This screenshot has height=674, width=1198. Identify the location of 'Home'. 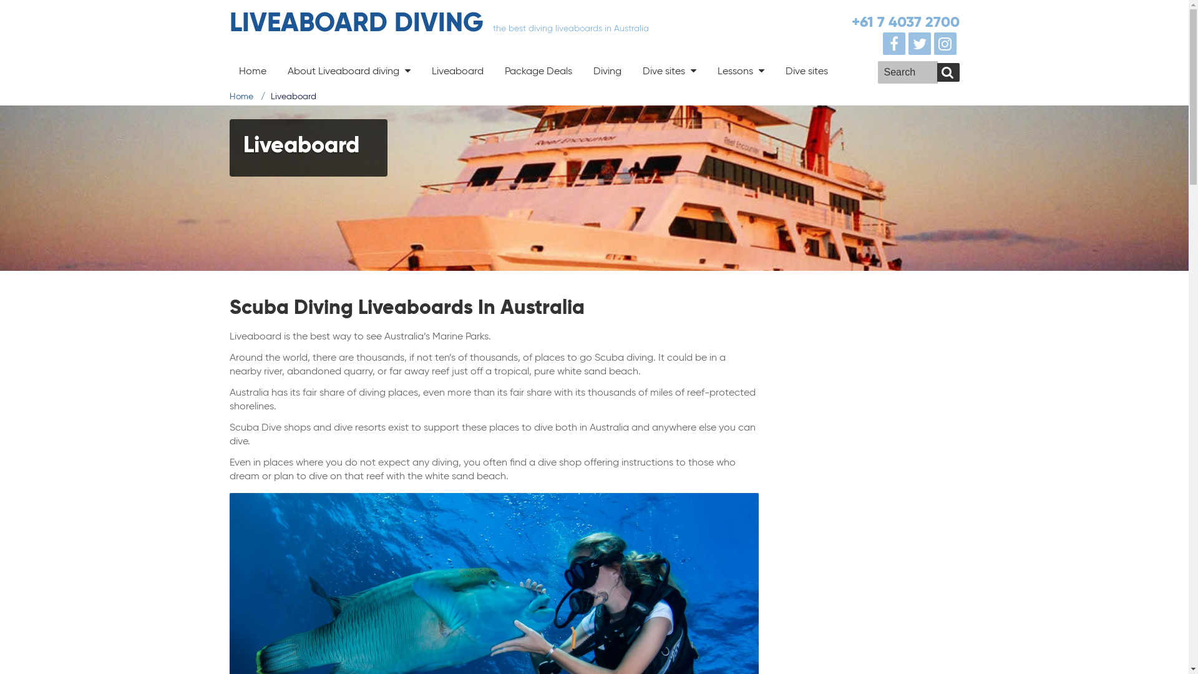
(251, 71).